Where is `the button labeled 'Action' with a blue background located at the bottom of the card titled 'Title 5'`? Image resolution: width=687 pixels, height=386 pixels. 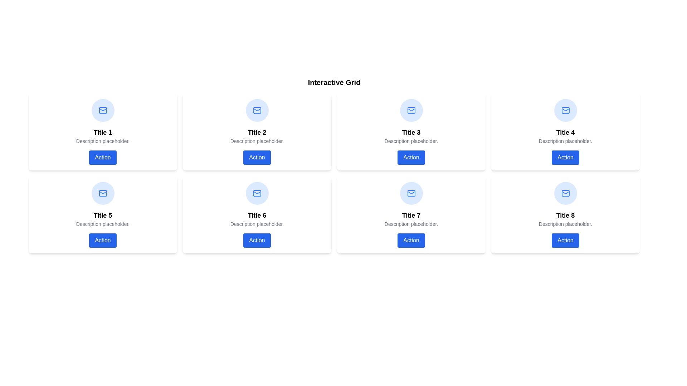
the button labeled 'Action' with a blue background located at the bottom of the card titled 'Title 5' is located at coordinates (102, 240).